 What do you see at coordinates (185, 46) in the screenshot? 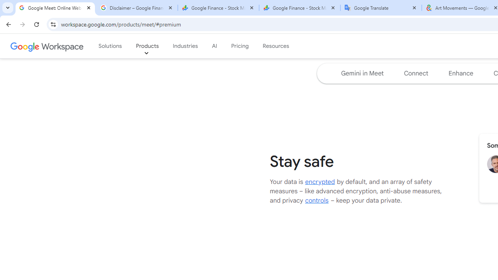
I see `'Industries'` at bounding box center [185, 46].